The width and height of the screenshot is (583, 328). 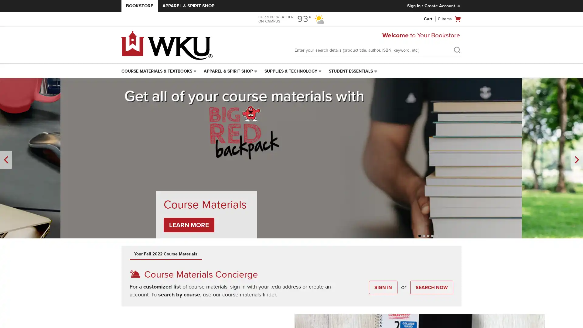 I want to click on Selected, Slide 3, so click(x=428, y=235).